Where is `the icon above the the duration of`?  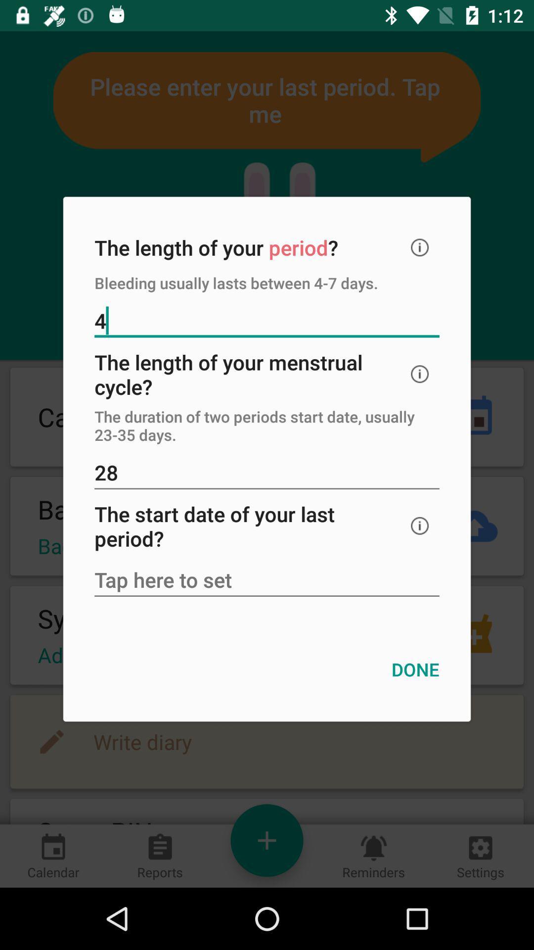
the icon above the the duration of is located at coordinates (420, 374).